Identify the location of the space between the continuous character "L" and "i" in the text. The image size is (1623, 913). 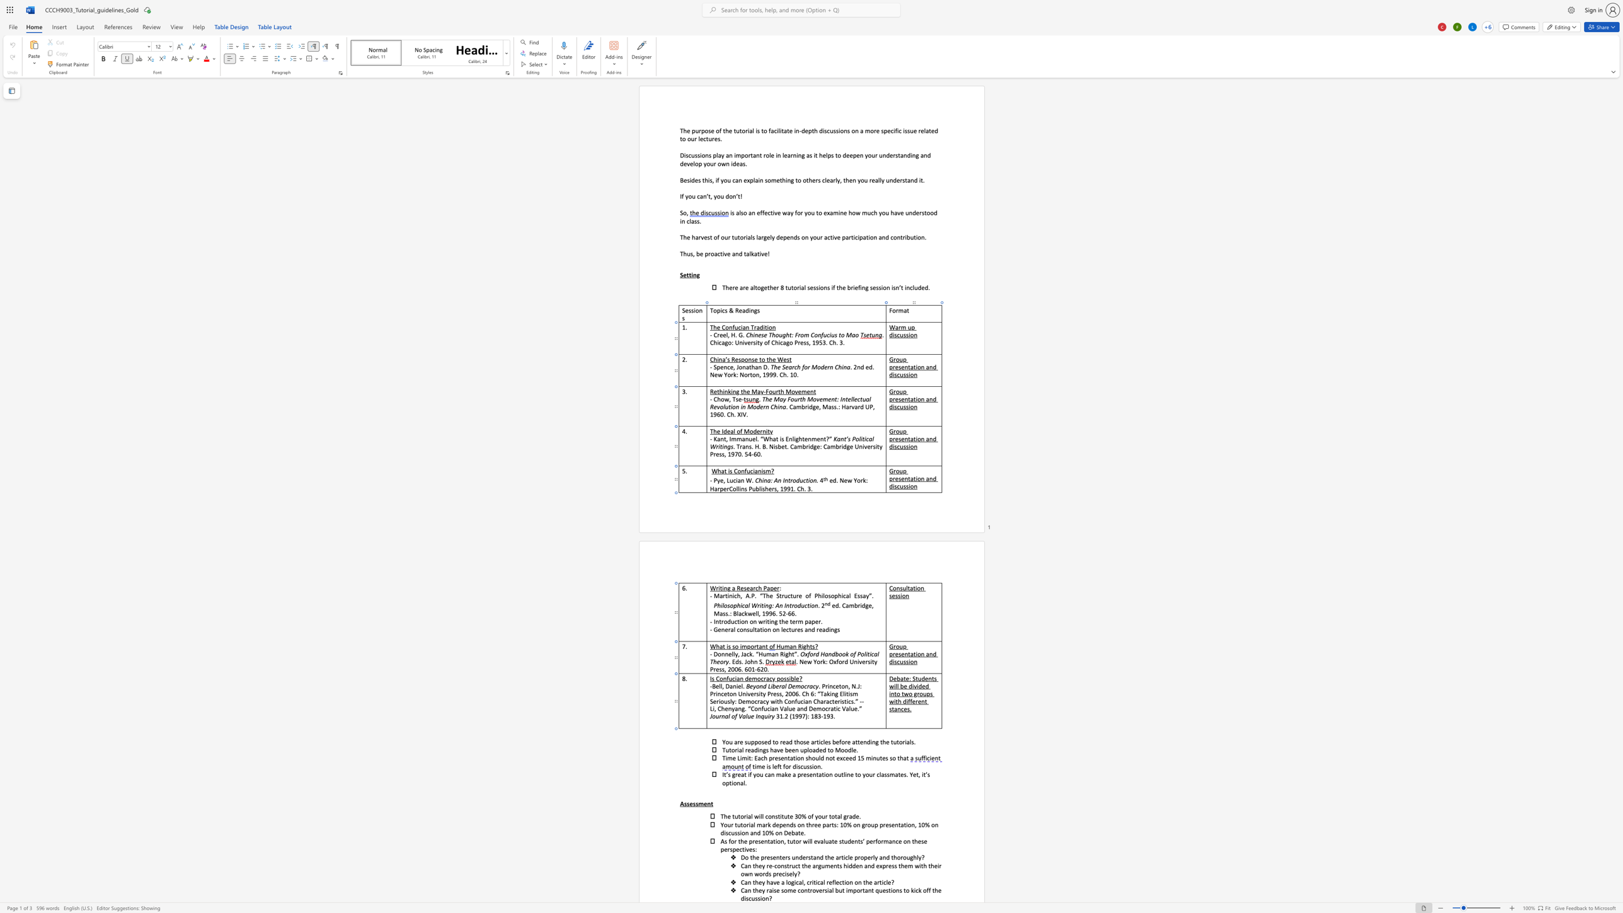
(771, 686).